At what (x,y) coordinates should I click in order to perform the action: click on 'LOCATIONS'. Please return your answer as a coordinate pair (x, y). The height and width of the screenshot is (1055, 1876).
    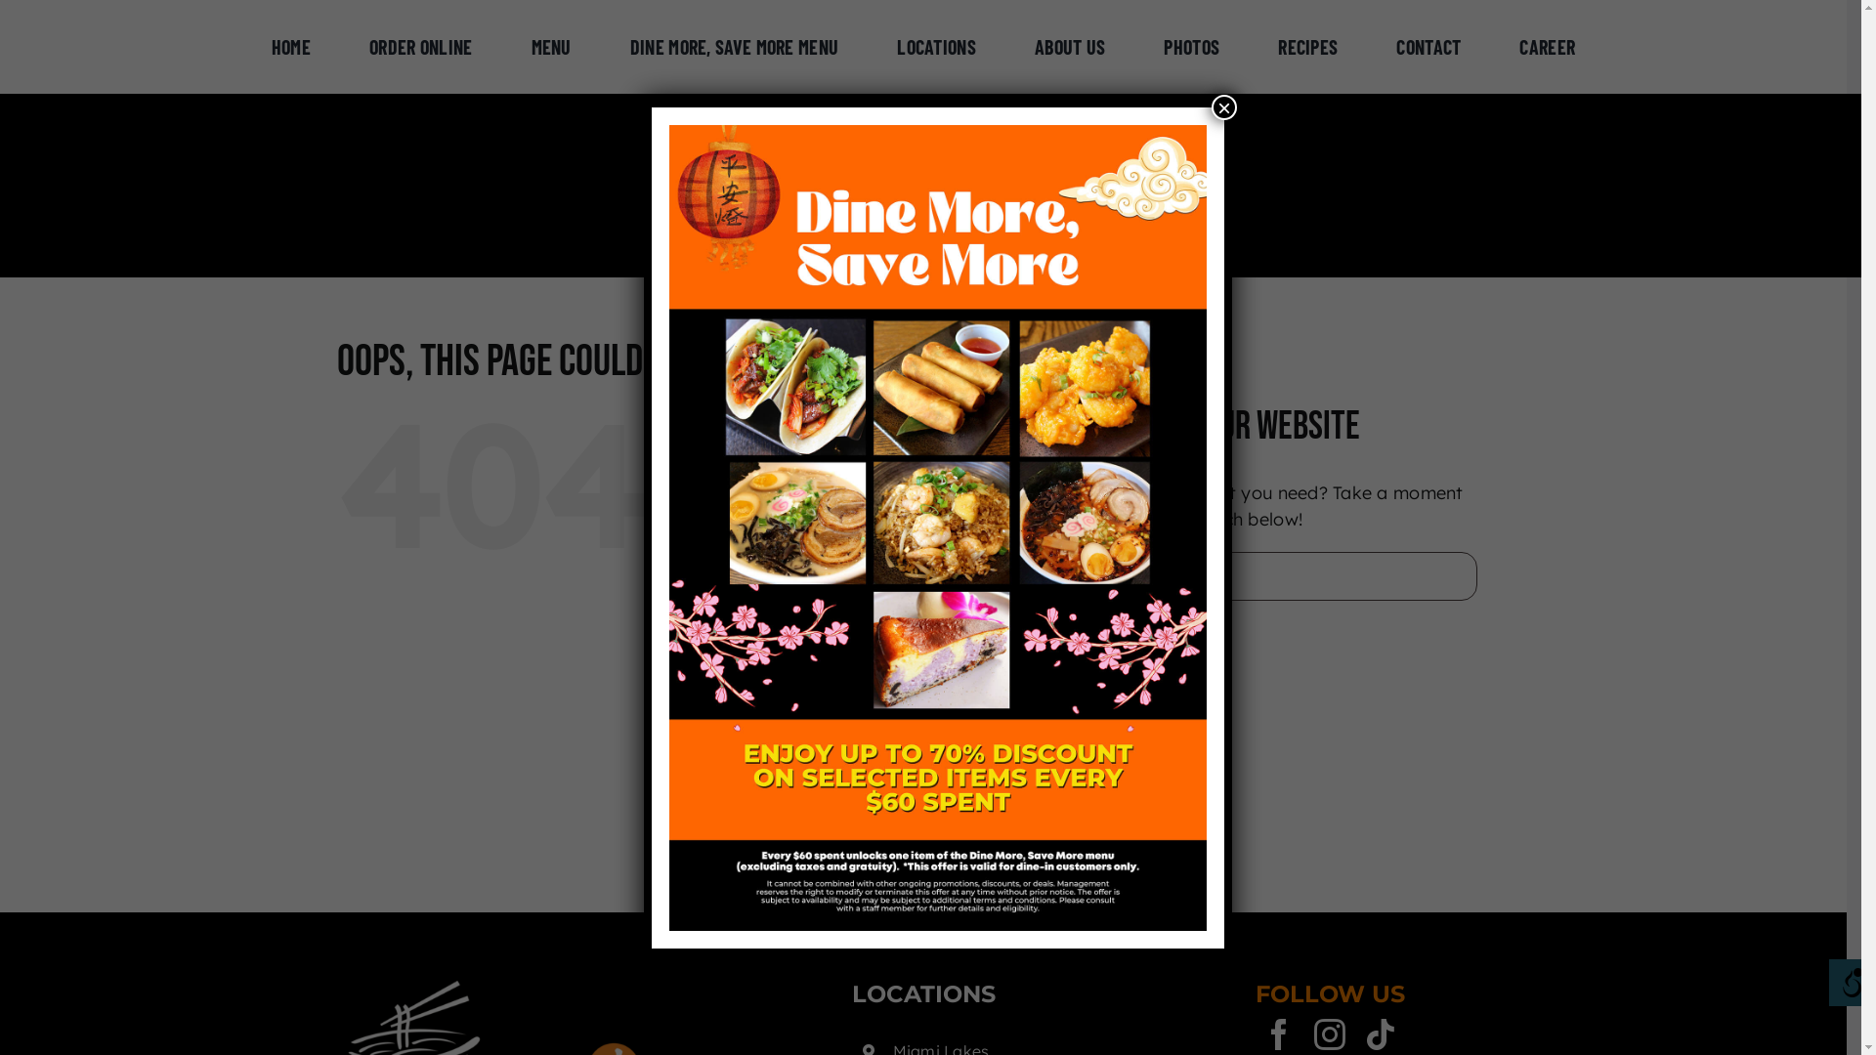
    Looking at the image, I should click on (935, 45).